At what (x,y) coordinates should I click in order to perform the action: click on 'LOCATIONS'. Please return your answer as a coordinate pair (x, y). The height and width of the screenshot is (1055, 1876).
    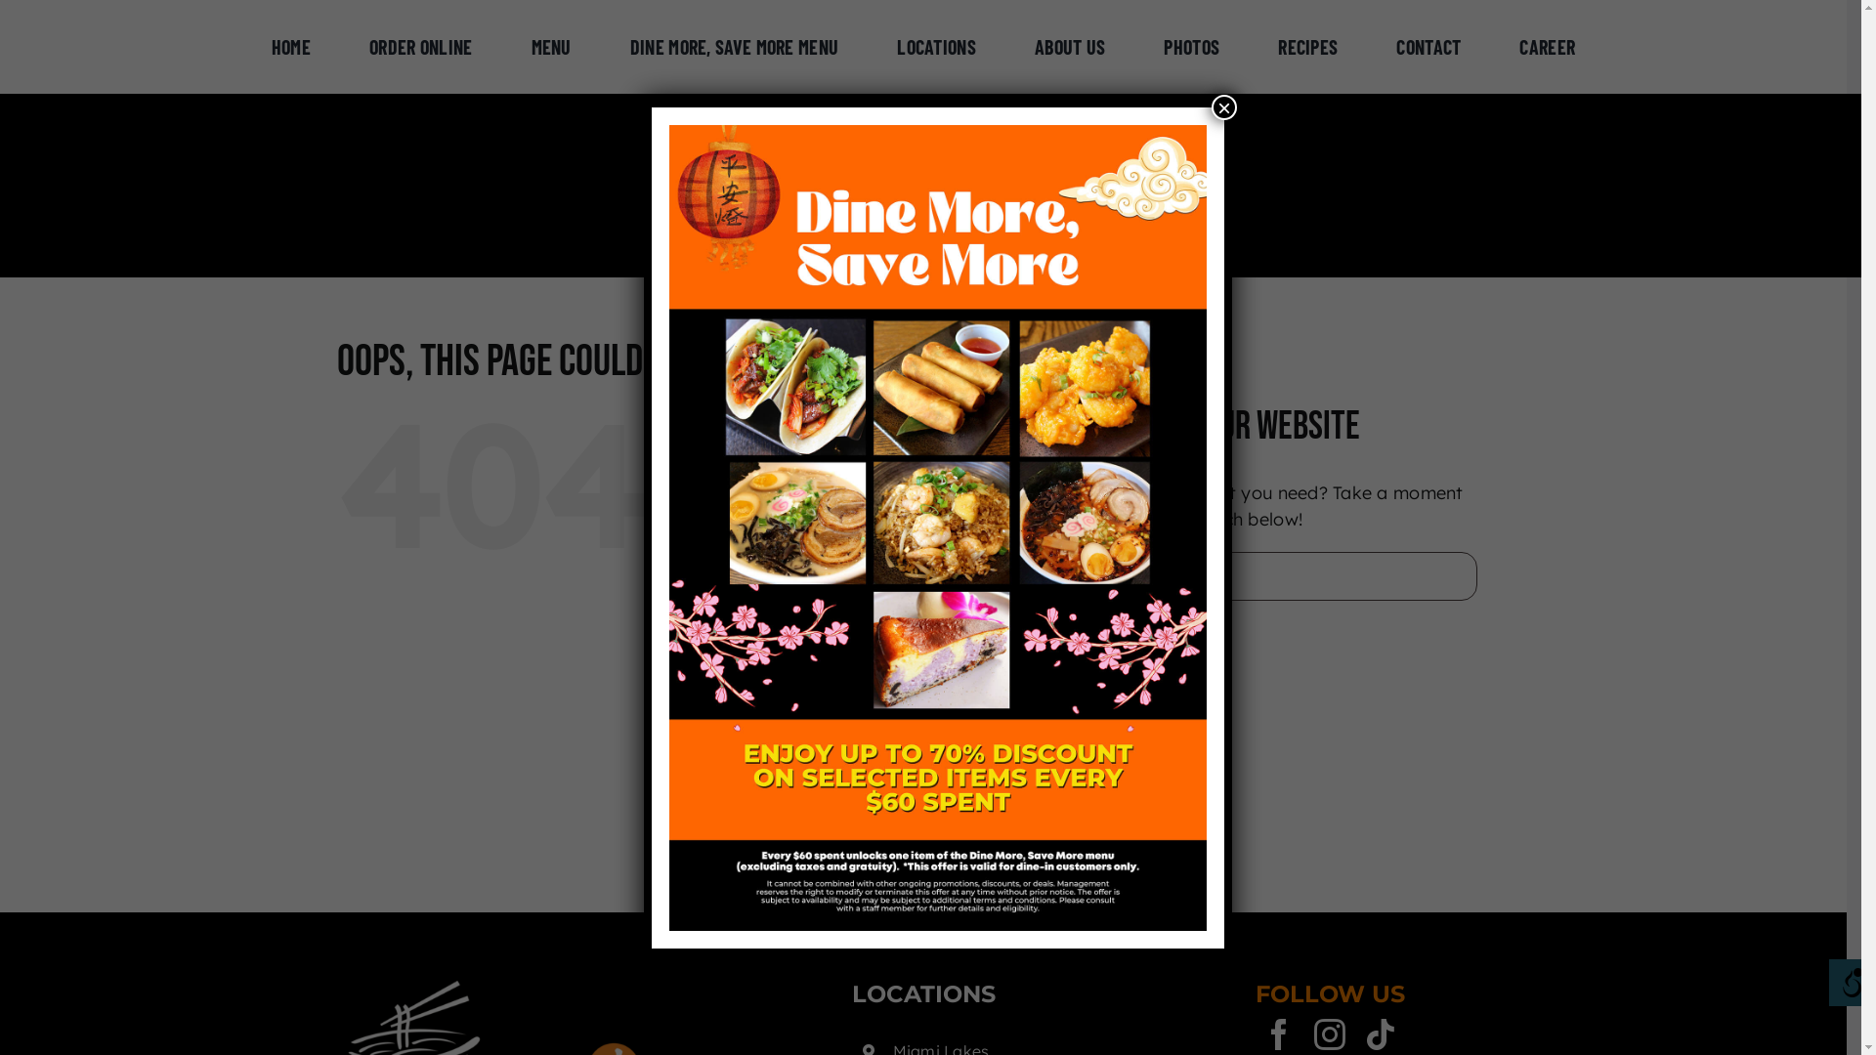
    Looking at the image, I should click on (935, 45).